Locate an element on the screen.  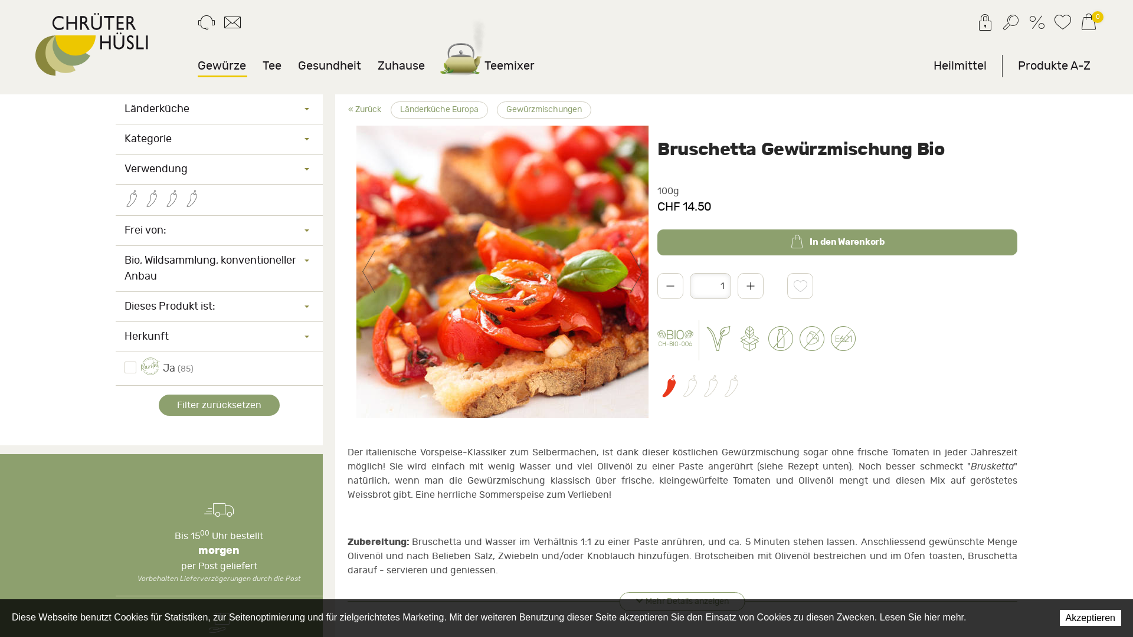
'+' is located at coordinates (750, 286).